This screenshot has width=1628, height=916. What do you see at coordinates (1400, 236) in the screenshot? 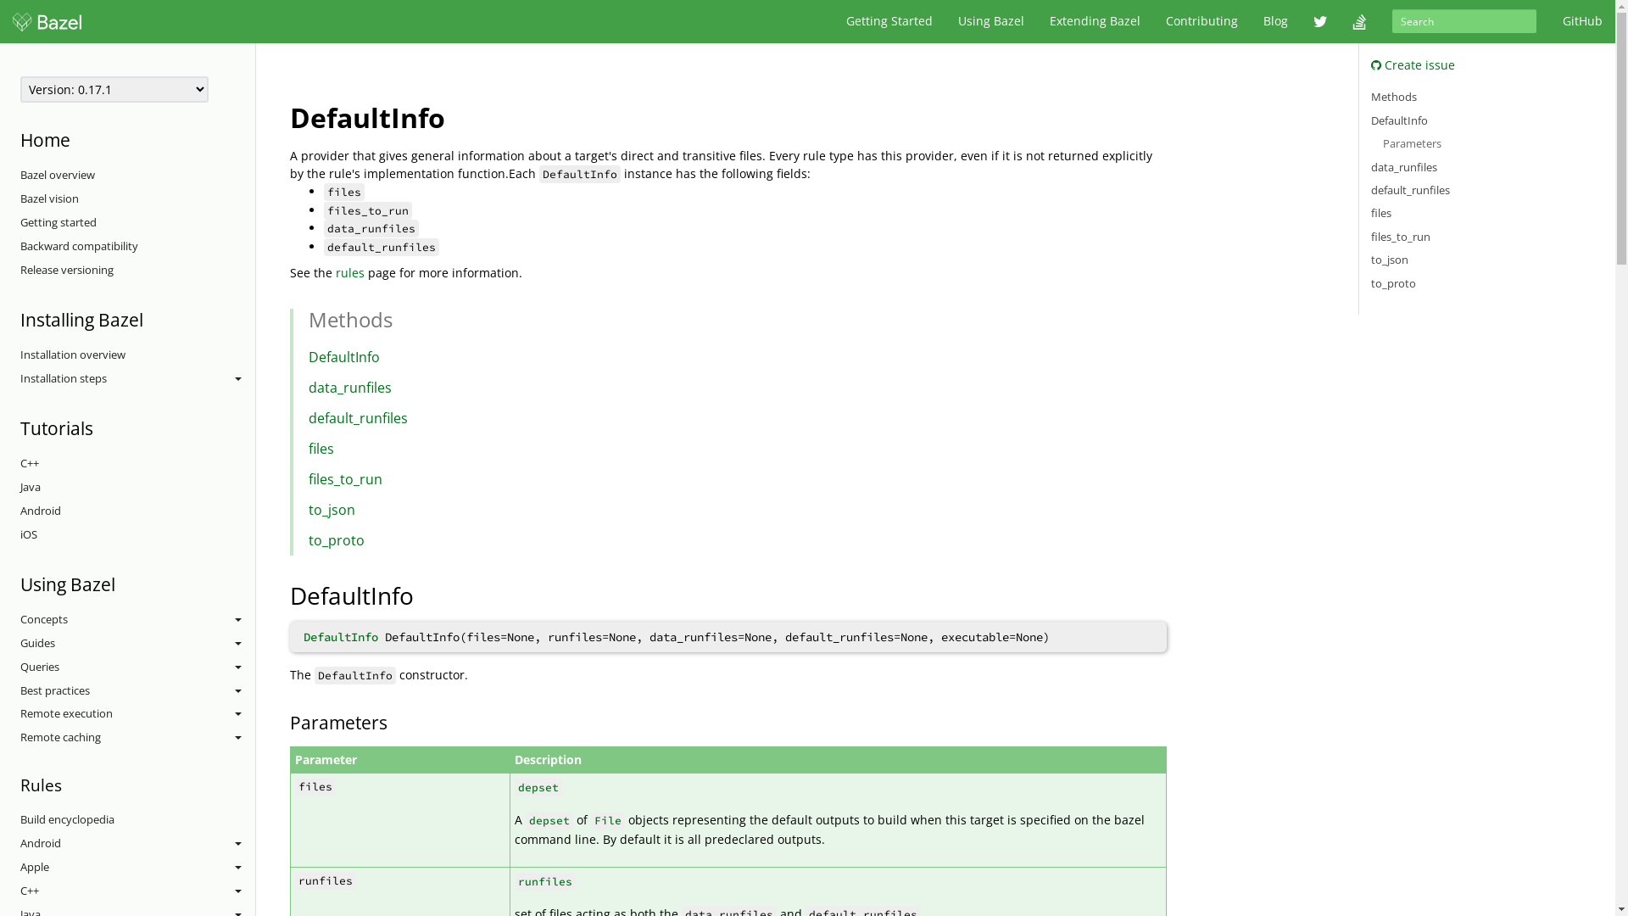
I see `'files_to_run'` at bounding box center [1400, 236].